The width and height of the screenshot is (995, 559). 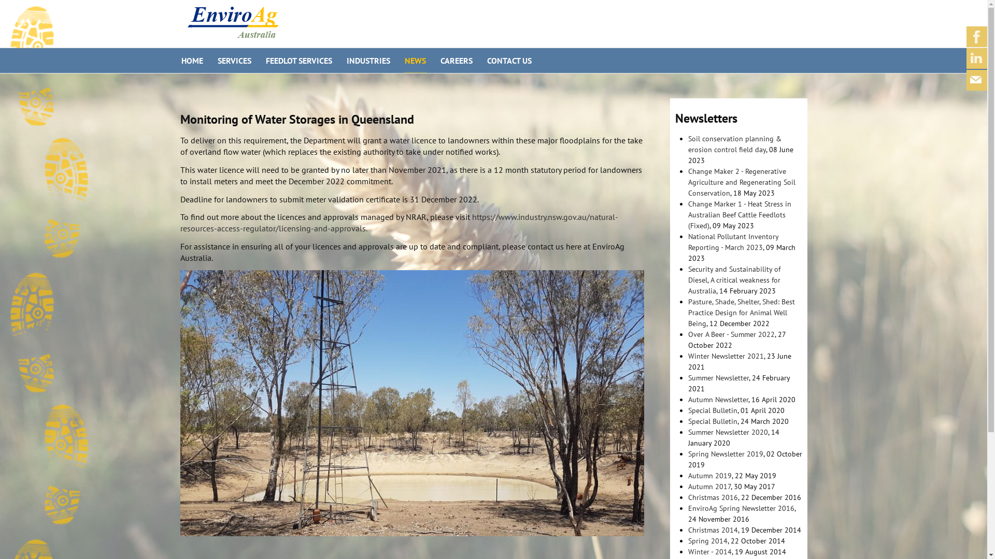 What do you see at coordinates (298, 60) in the screenshot?
I see `'FEEDLOT SERVICES'` at bounding box center [298, 60].